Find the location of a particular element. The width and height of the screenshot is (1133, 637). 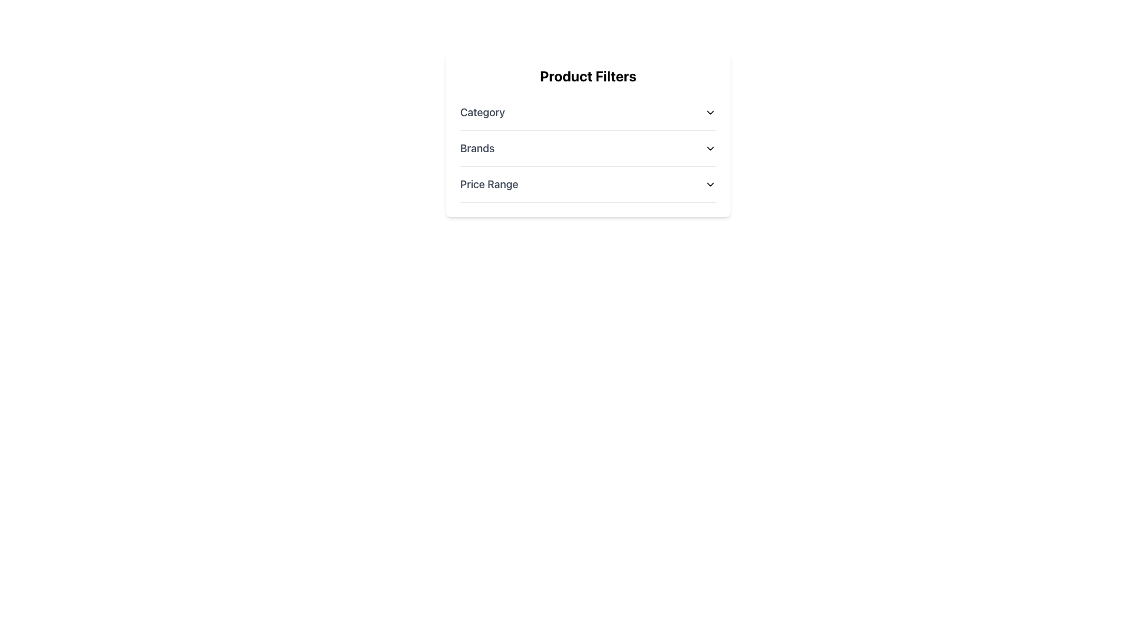

the 'Brands' label, which is styled with a larger font size and medium weight, located within the second filter option of a product filter card is located at coordinates (477, 147).